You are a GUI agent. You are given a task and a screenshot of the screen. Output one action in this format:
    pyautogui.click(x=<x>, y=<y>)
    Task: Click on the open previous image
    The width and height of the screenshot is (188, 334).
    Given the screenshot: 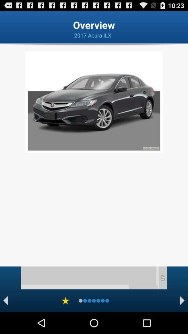 What is the action you would take?
    pyautogui.click(x=5, y=300)
    